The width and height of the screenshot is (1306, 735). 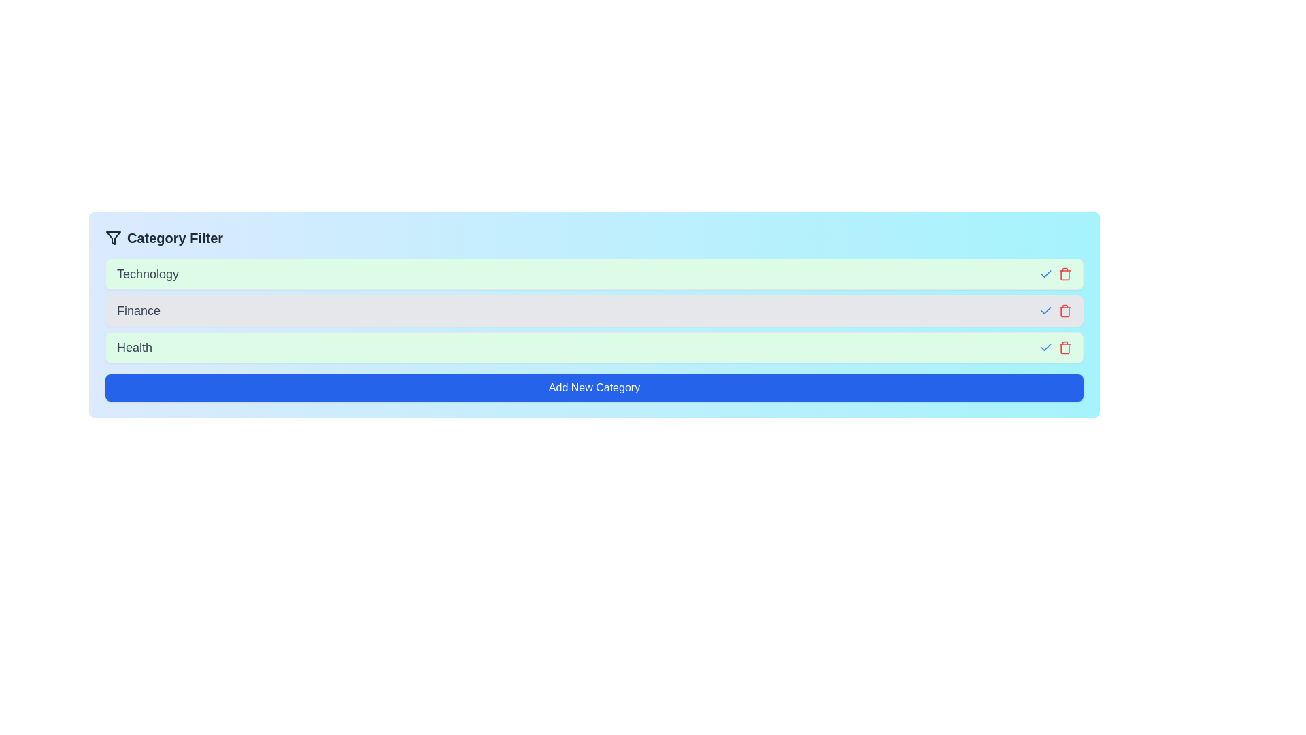 What do you see at coordinates (1045, 310) in the screenshot?
I see `the category Finance` at bounding box center [1045, 310].